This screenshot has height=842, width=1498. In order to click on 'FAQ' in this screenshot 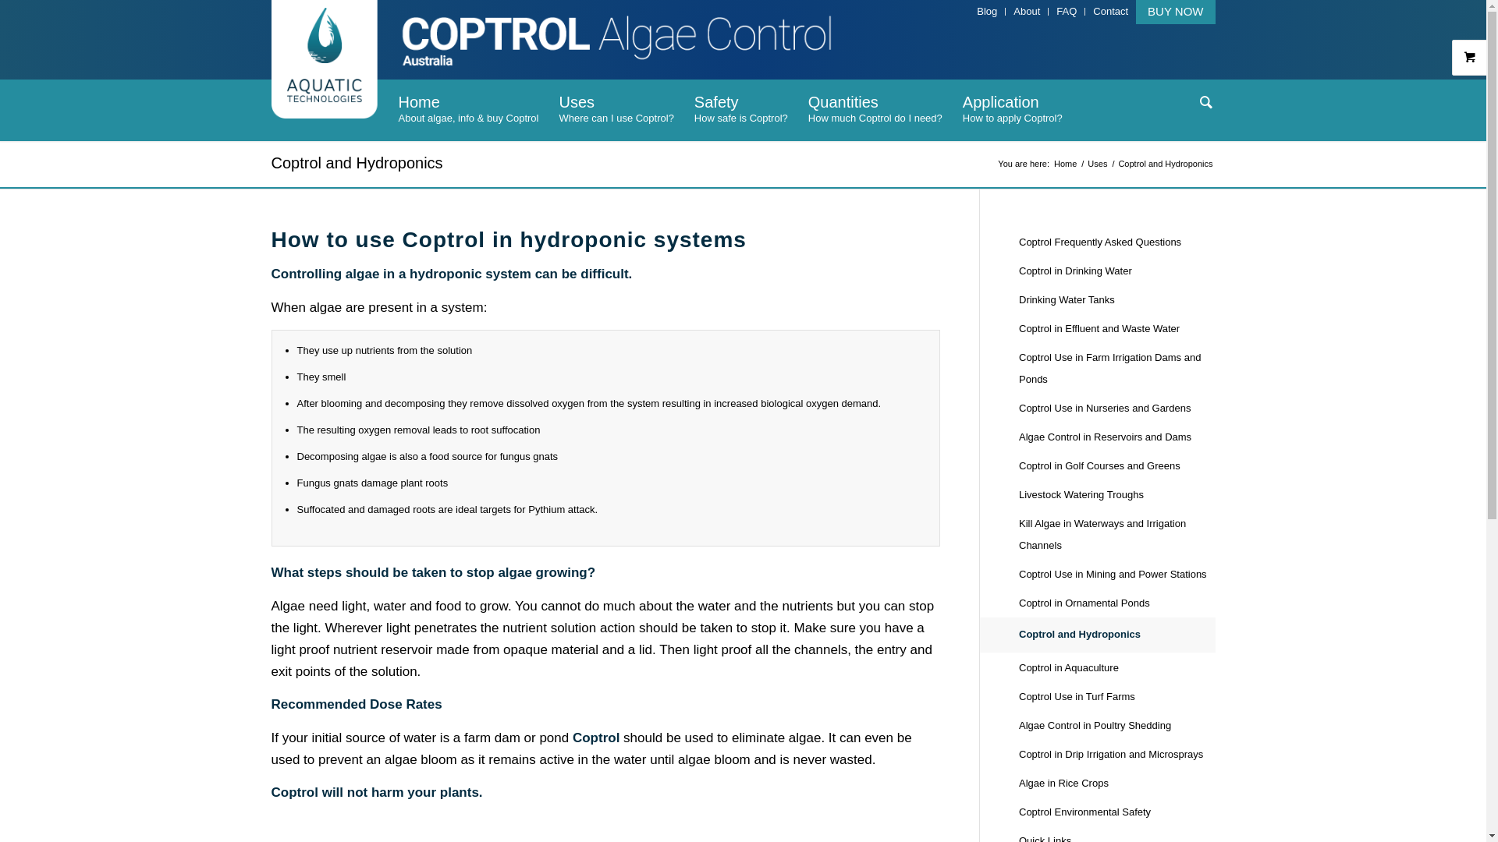, I will do `click(1066, 11)`.